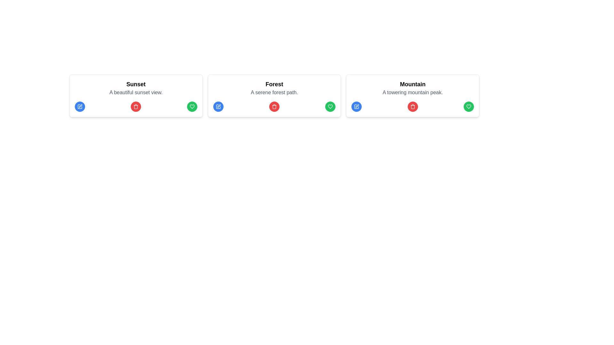 The width and height of the screenshot is (614, 345). What do you see at coordinates (413, 106) in the screenshot?
I see `the delete icon button within the red circular button located beneath the 'Mountain' card` at bounding box center [413, 106].